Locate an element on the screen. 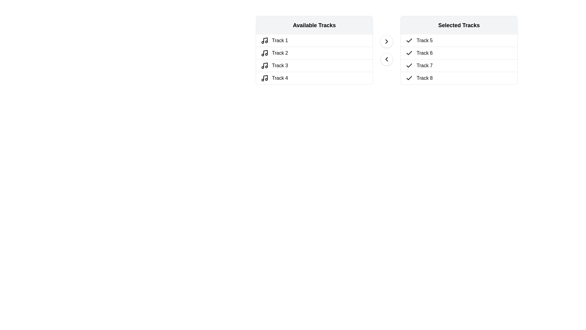 The image size is (586, 330). the top button in the interactive group that allows transferring items between the 'Available Tracks' and 'Selected Tracks' lists is located at coordinates (386, 50).